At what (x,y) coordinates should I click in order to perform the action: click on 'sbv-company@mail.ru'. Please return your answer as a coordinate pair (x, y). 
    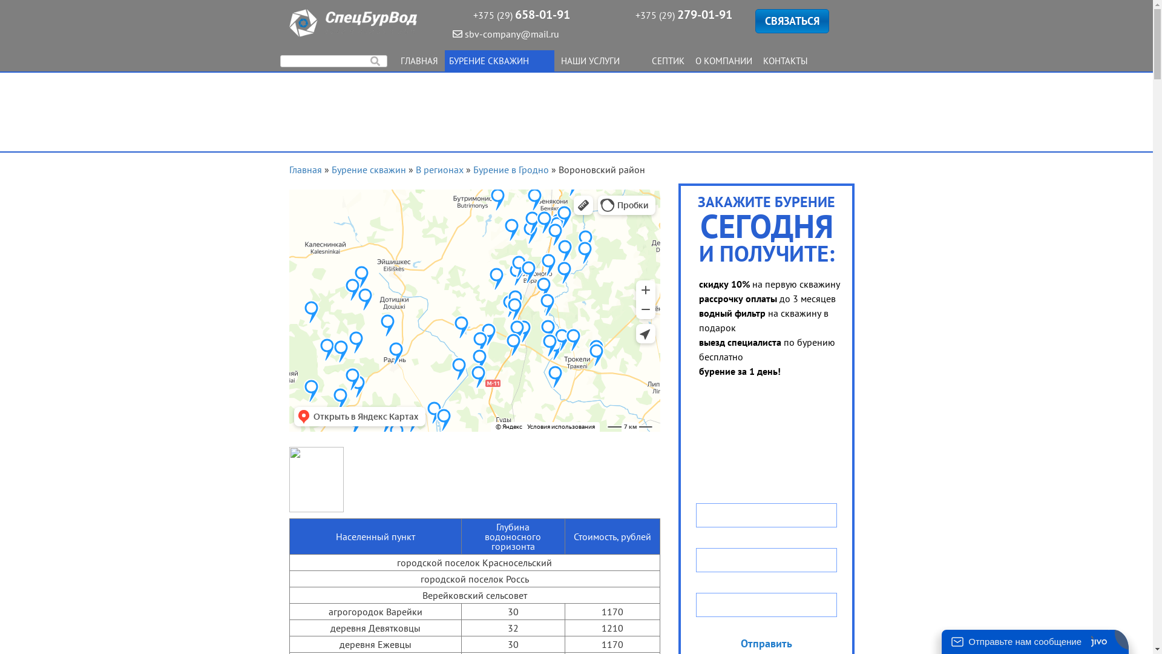
    Looking at the image, I should click on (452, 33).